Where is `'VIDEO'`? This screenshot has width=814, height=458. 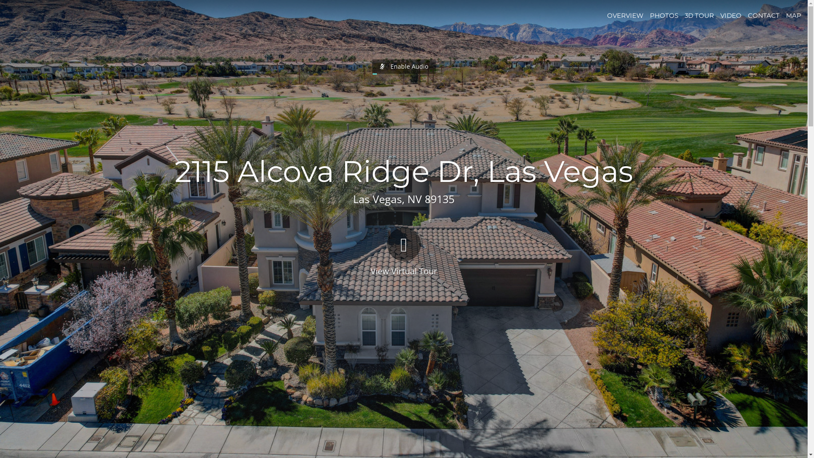
'VIDEO' is located at coordinates (730, 15).